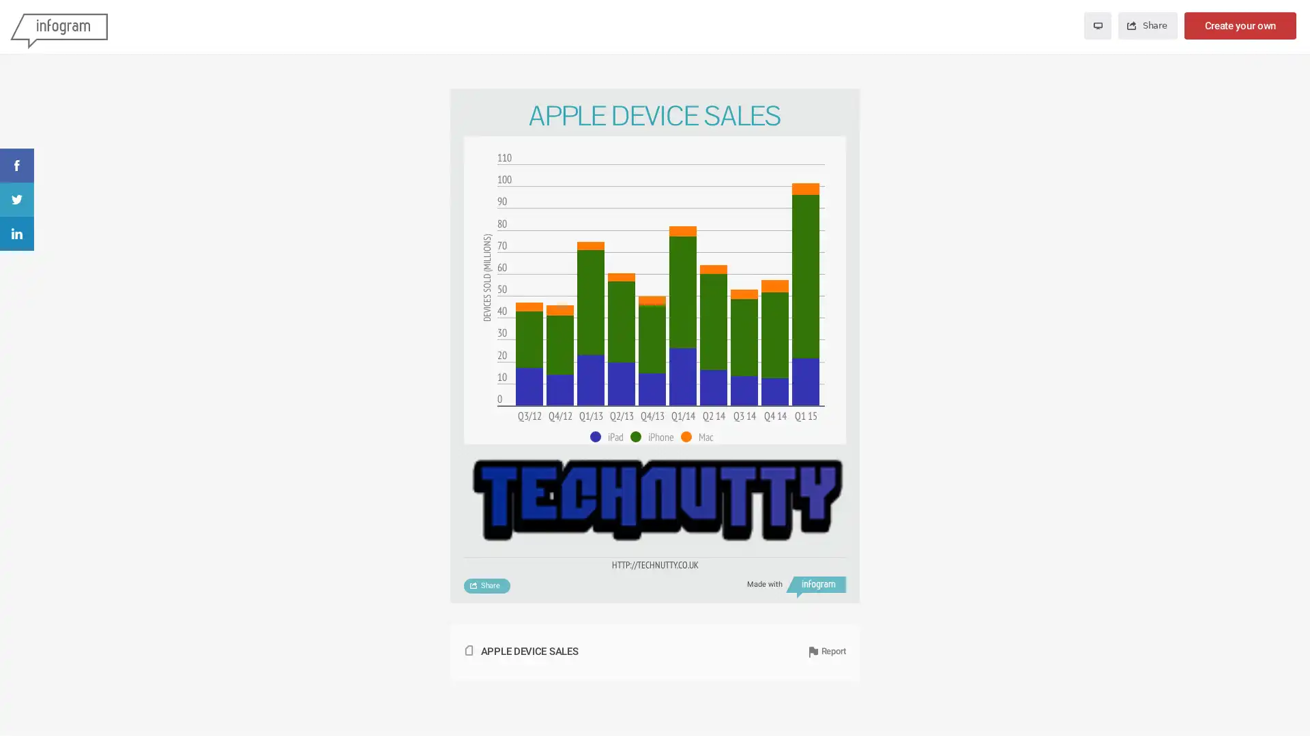 The width and height of the screenshot is (1310, 736). What do you see at coordinates (1097, 26) in the screenshot?
I see `Enter fullscreen` at bounding box center [1097, 26].